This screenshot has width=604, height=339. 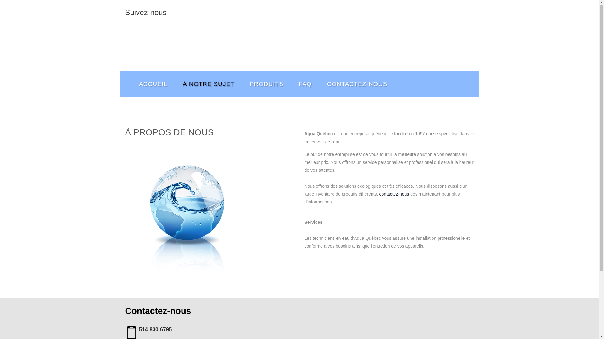 I want to click on 'contactez-nous', so click(x=394, y=194).